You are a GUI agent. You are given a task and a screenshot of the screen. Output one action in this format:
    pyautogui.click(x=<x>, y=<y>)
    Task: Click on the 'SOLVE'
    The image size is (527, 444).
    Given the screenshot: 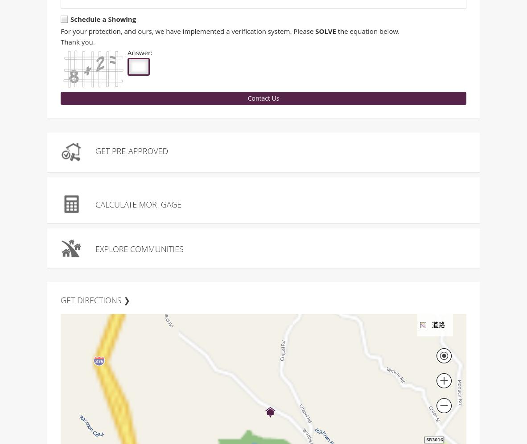 What is the action you would take?
    pyautogui.click(x=325, y=32)
    